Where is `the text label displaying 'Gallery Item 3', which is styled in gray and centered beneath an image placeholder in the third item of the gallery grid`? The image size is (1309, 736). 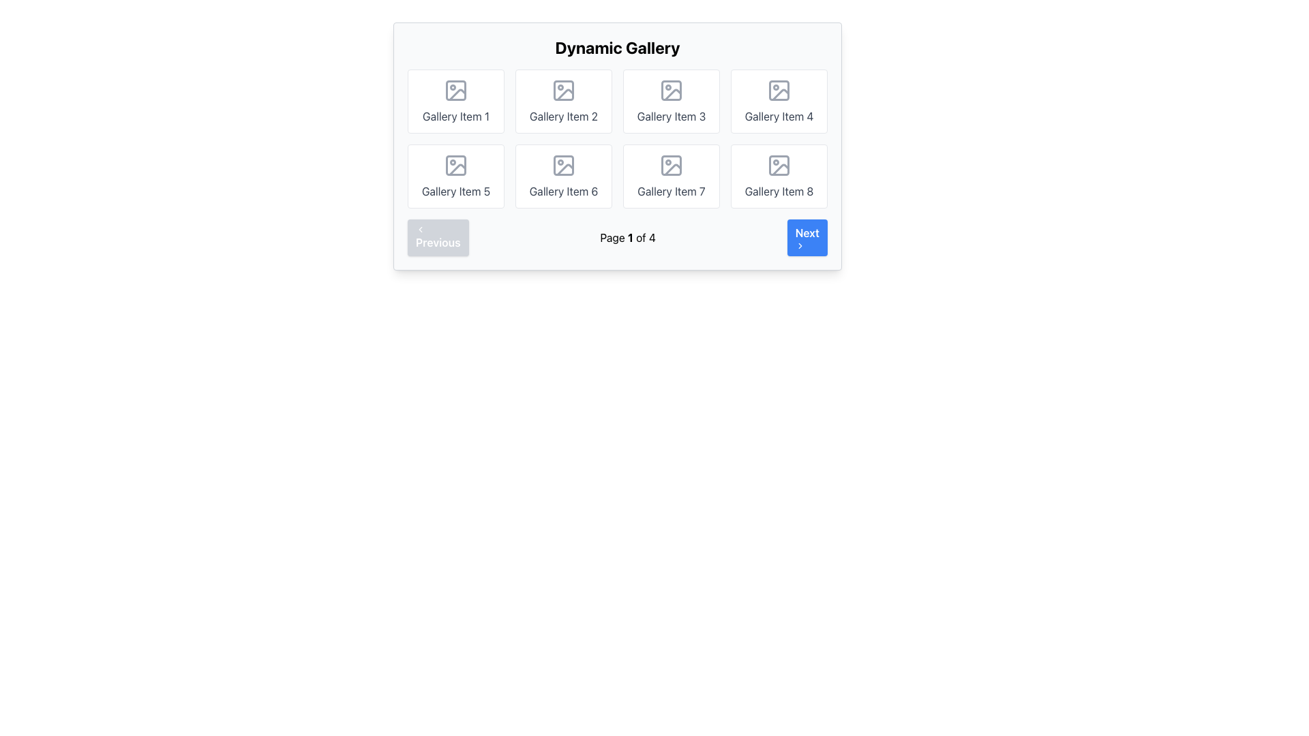
the text label displaying 'Gallery Item 3', which is styled in gray and centered beneath an image placeholder in the third item of the gallery grid is located at coordinates (671, 115).